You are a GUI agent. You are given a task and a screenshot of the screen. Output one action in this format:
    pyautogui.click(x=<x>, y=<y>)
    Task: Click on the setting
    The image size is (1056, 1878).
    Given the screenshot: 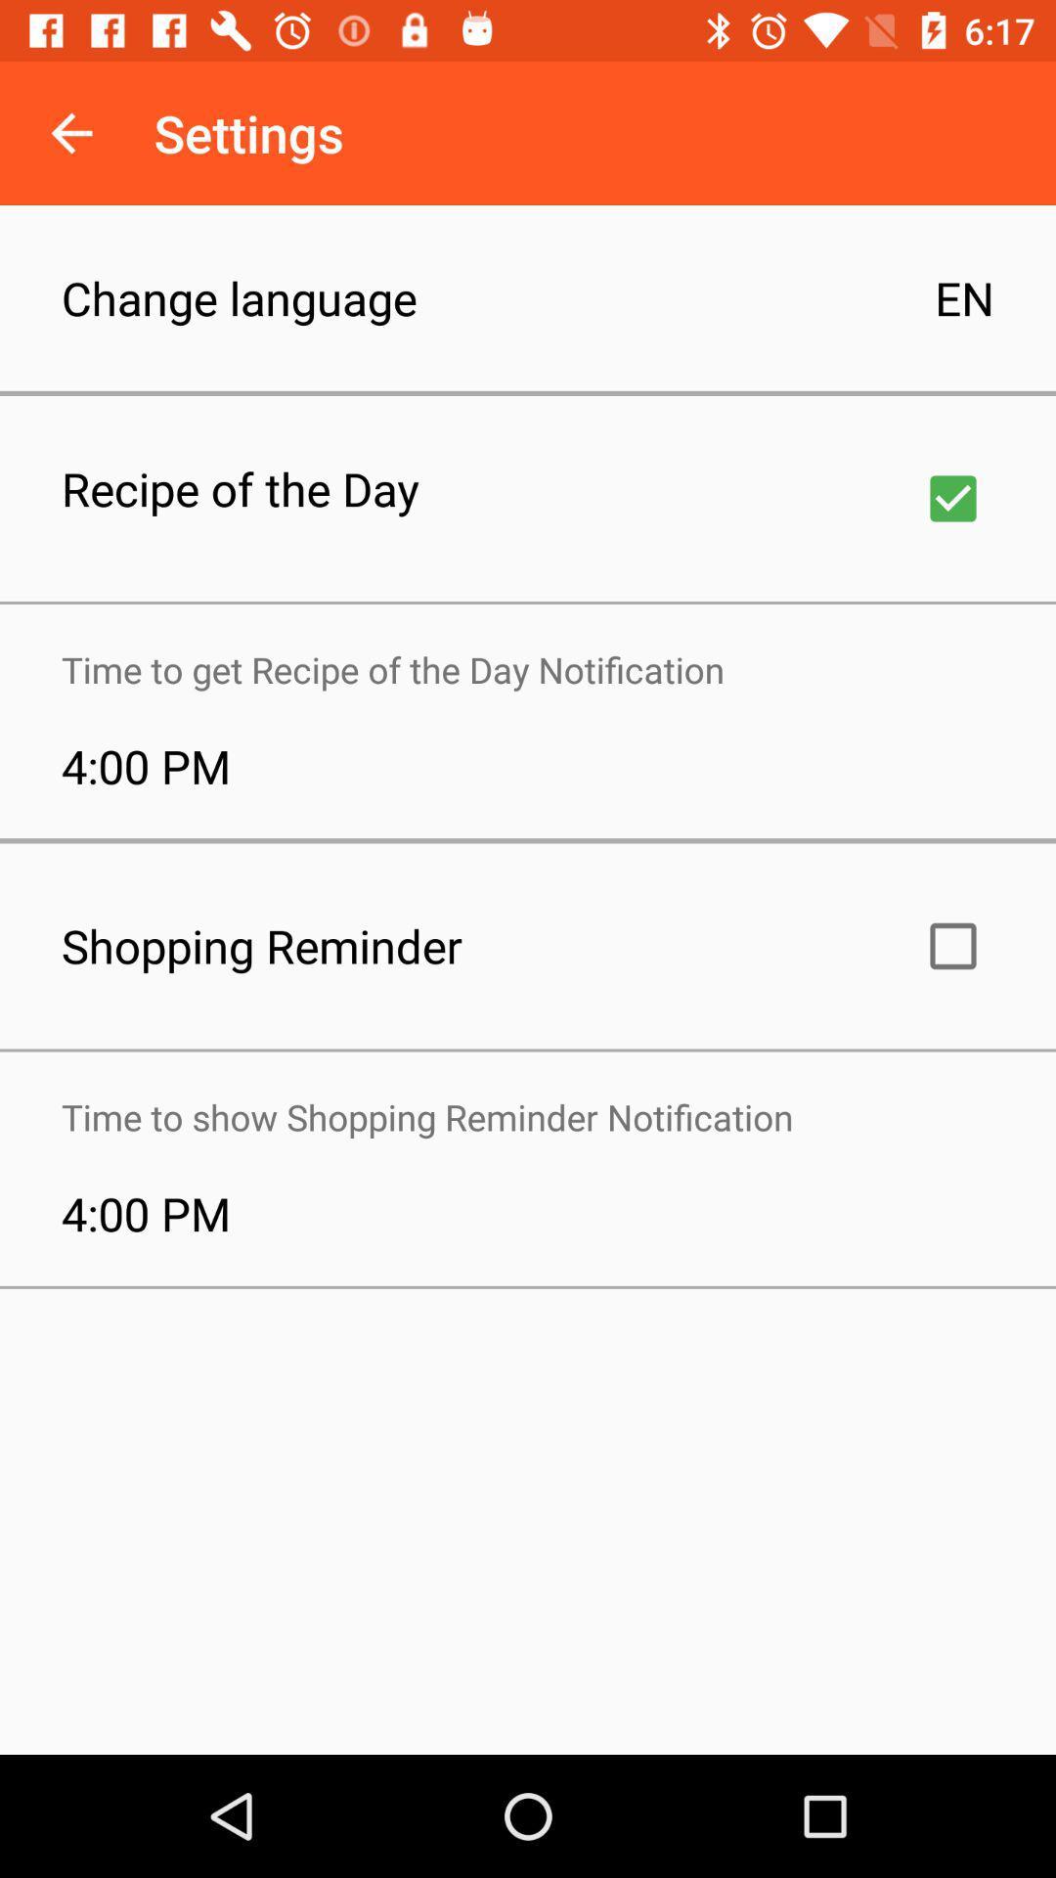 What is the action you would take?
    pyautogui.click(x=952, y=498)
    